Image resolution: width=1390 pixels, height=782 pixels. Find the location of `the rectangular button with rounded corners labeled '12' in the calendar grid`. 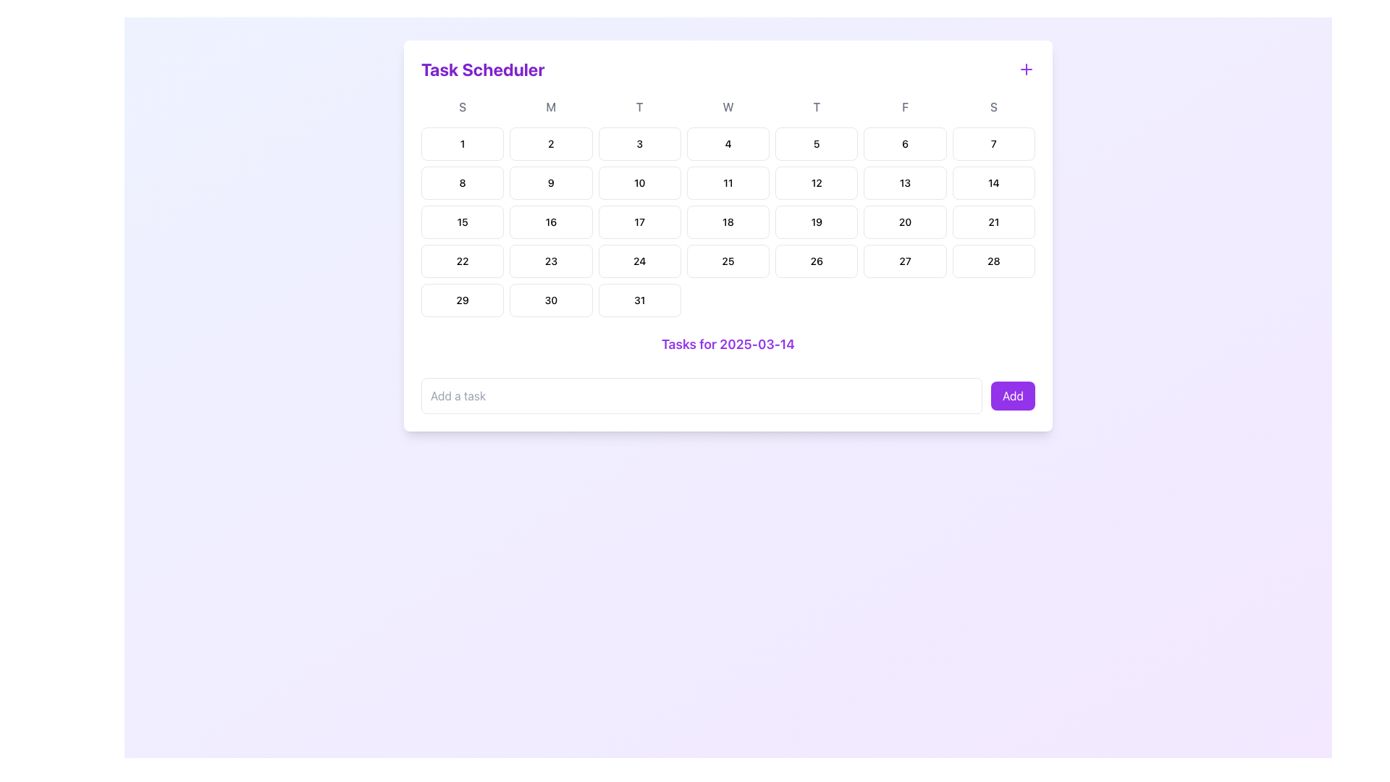

the rectangular button with rounded corners labeled '12' in the calendar grid is located at coordinates (817, 182).